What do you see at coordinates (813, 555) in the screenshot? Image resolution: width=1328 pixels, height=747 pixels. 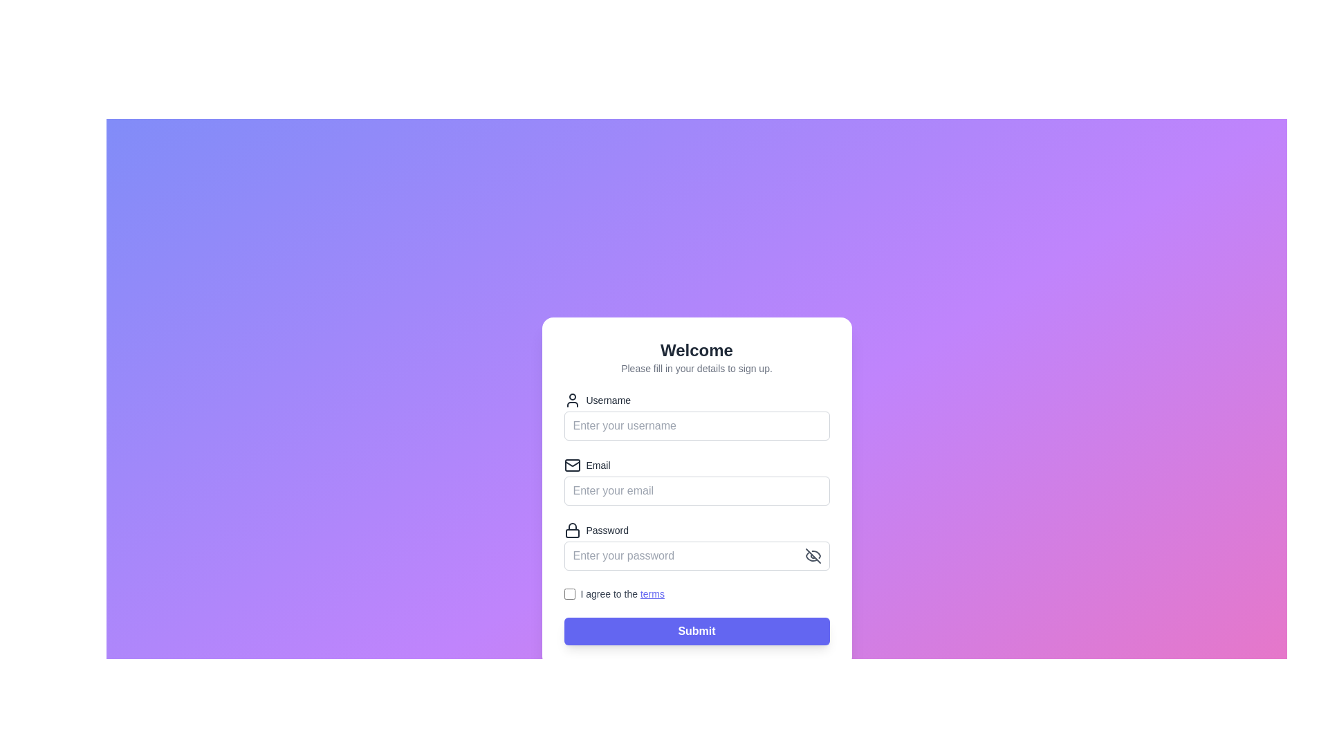 I see `the eye-off icon on the far right side of the password input field` at bounding box center [813, 555].